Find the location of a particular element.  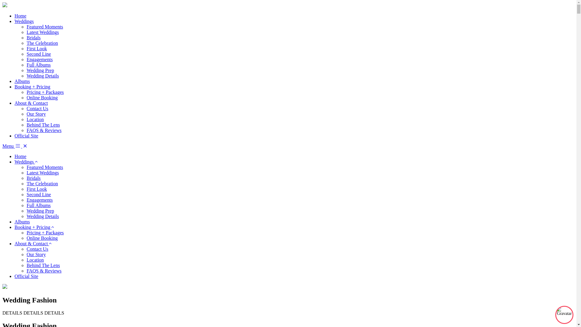

'Online Booking' is located at coordinates (26, 238).